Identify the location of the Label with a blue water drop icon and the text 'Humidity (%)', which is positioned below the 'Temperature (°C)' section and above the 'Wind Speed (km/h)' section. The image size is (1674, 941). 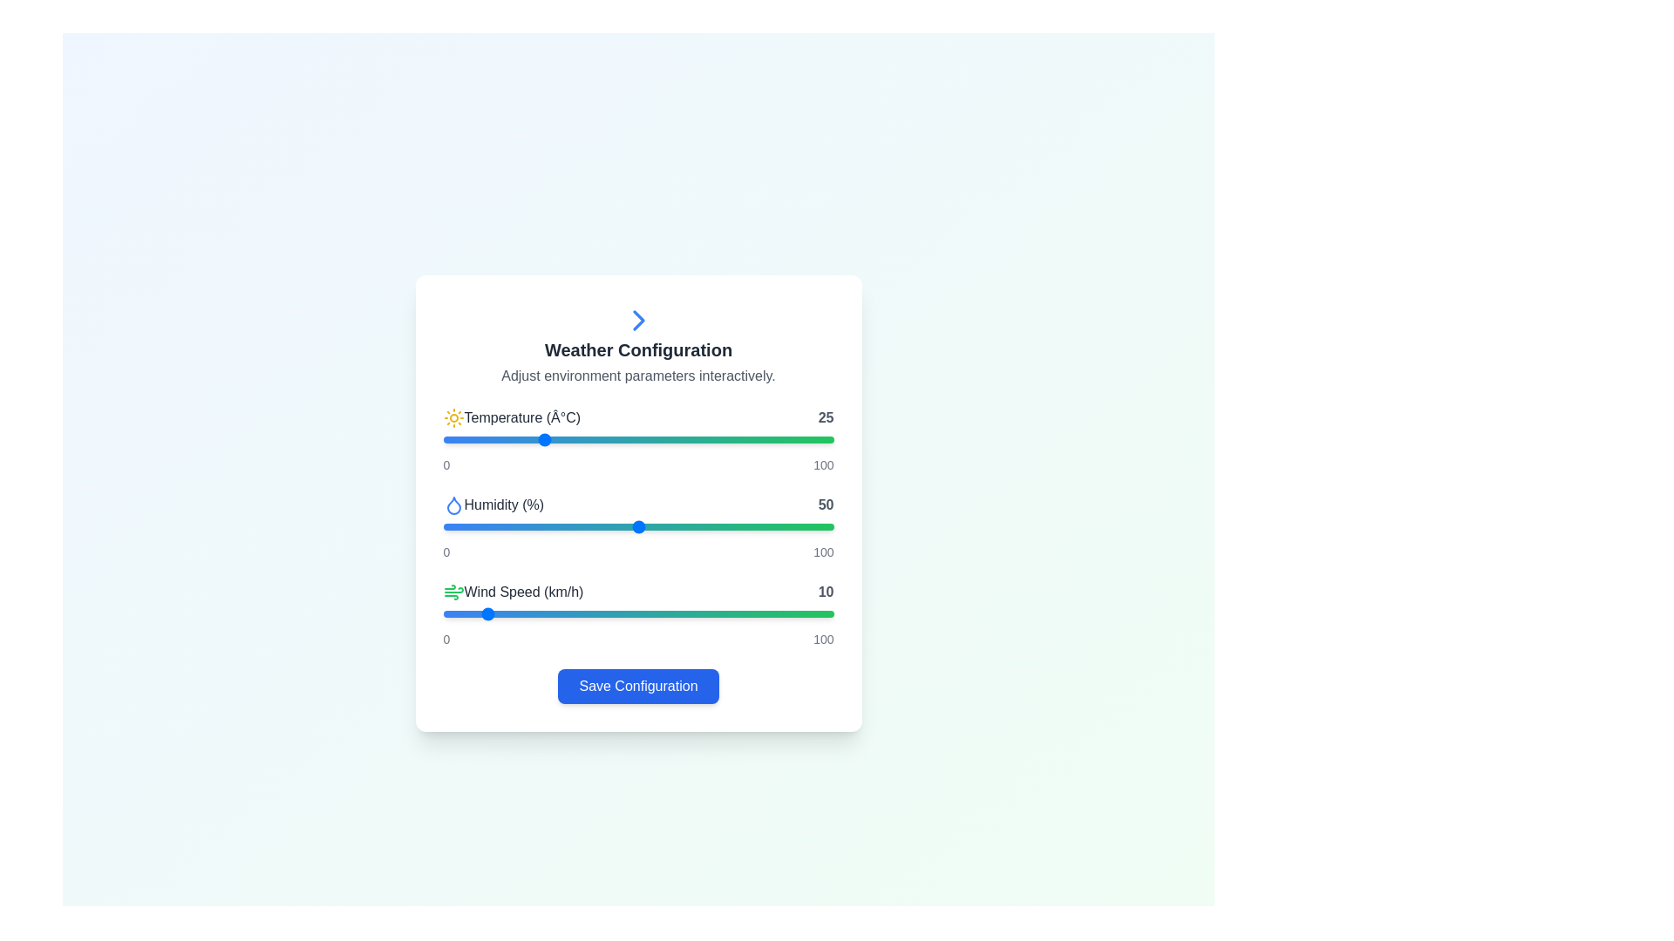
(493, 504).